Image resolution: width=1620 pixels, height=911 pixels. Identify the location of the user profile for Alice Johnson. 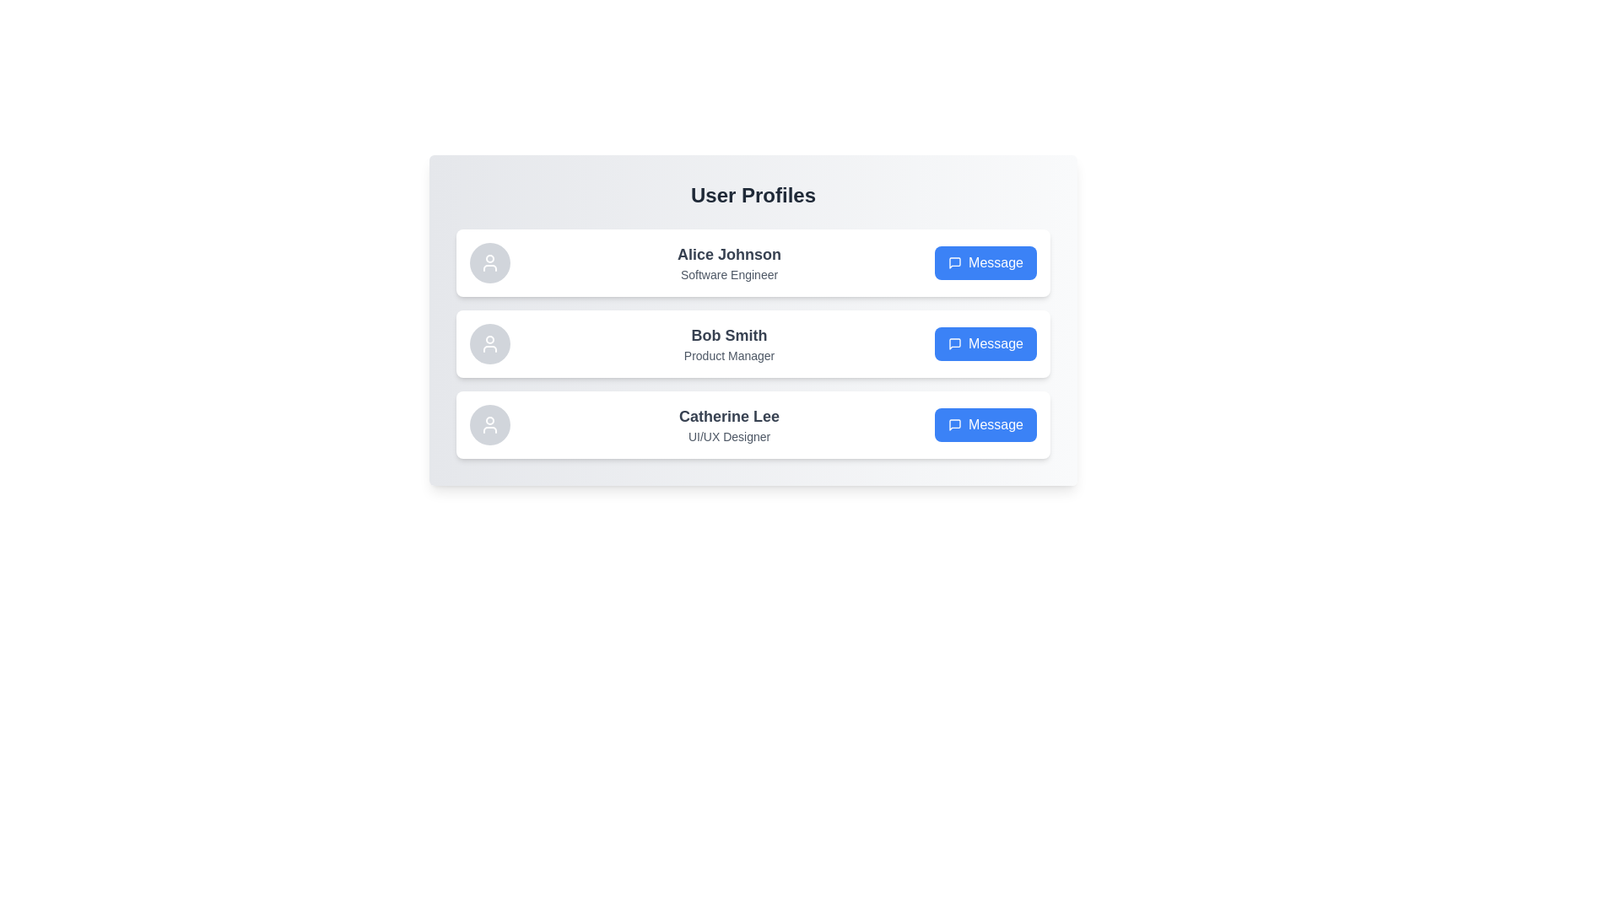
(752, 263).